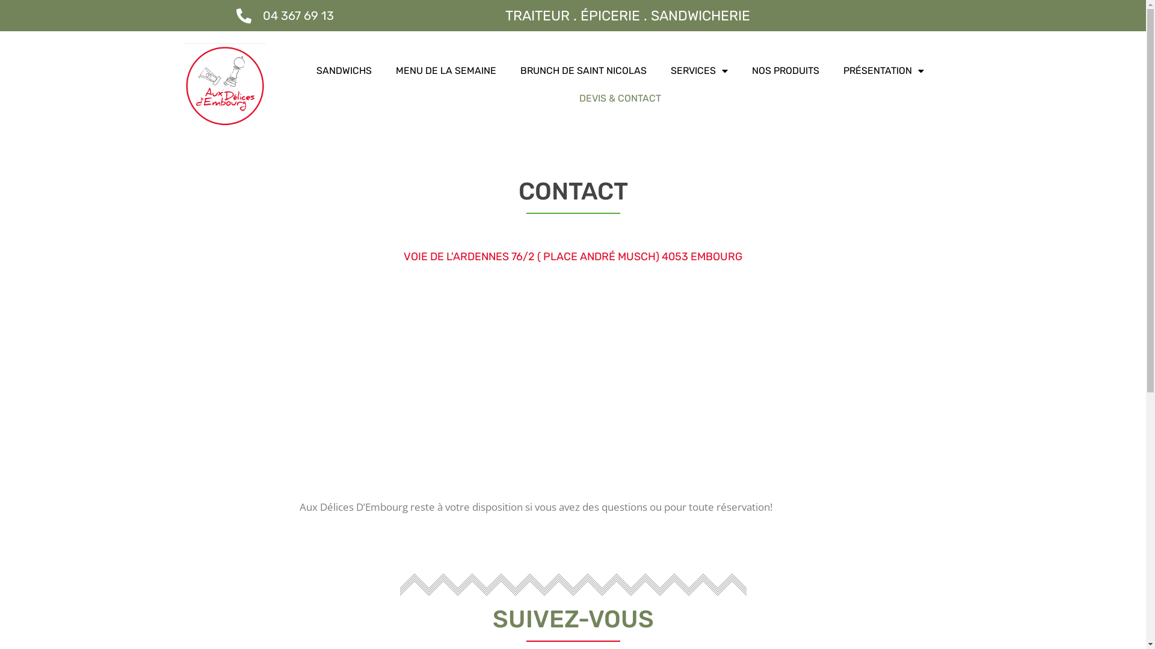 This screenshot has width=1155, height=649. What do you see at coordinates (445, 71) in the screenshot?
I see `'MENU DE LA SEMAINE'` at bounding box center [445, 71].